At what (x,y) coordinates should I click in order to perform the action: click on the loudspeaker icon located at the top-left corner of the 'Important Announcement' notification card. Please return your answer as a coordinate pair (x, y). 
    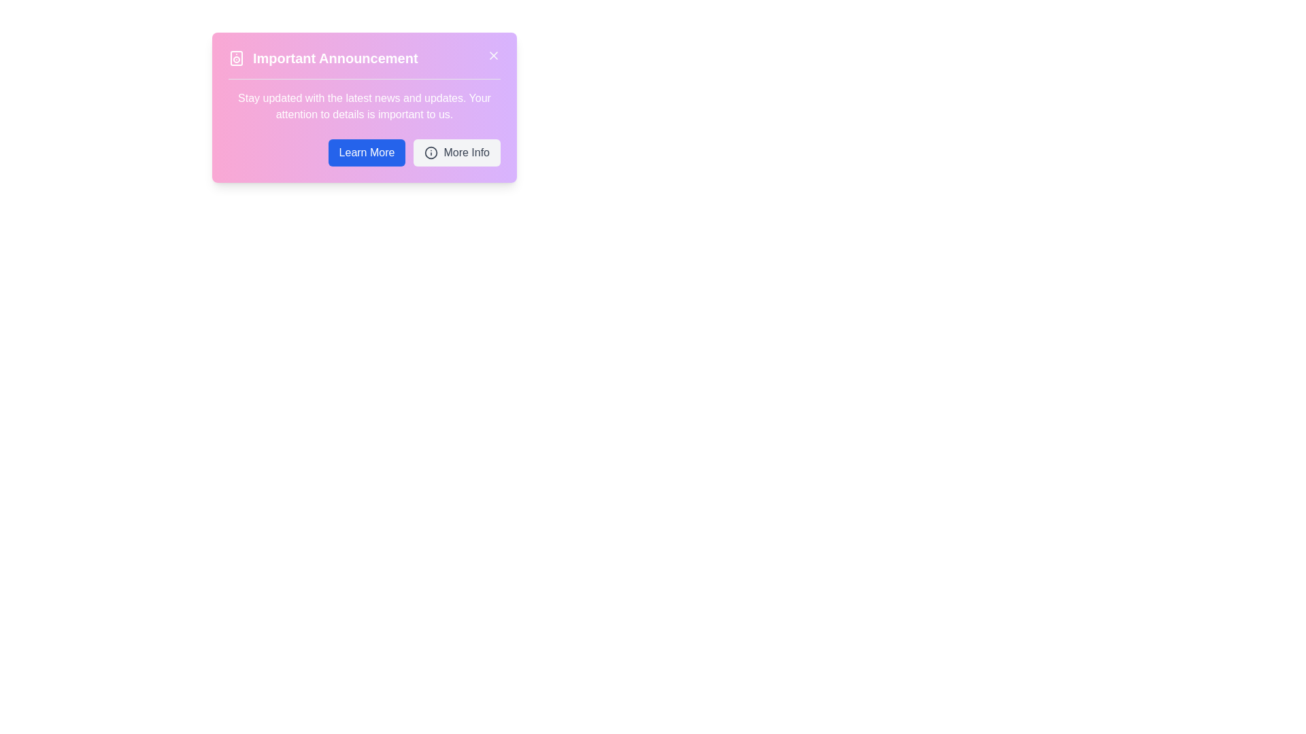
    Looking at the image, I should click on (236, 57).